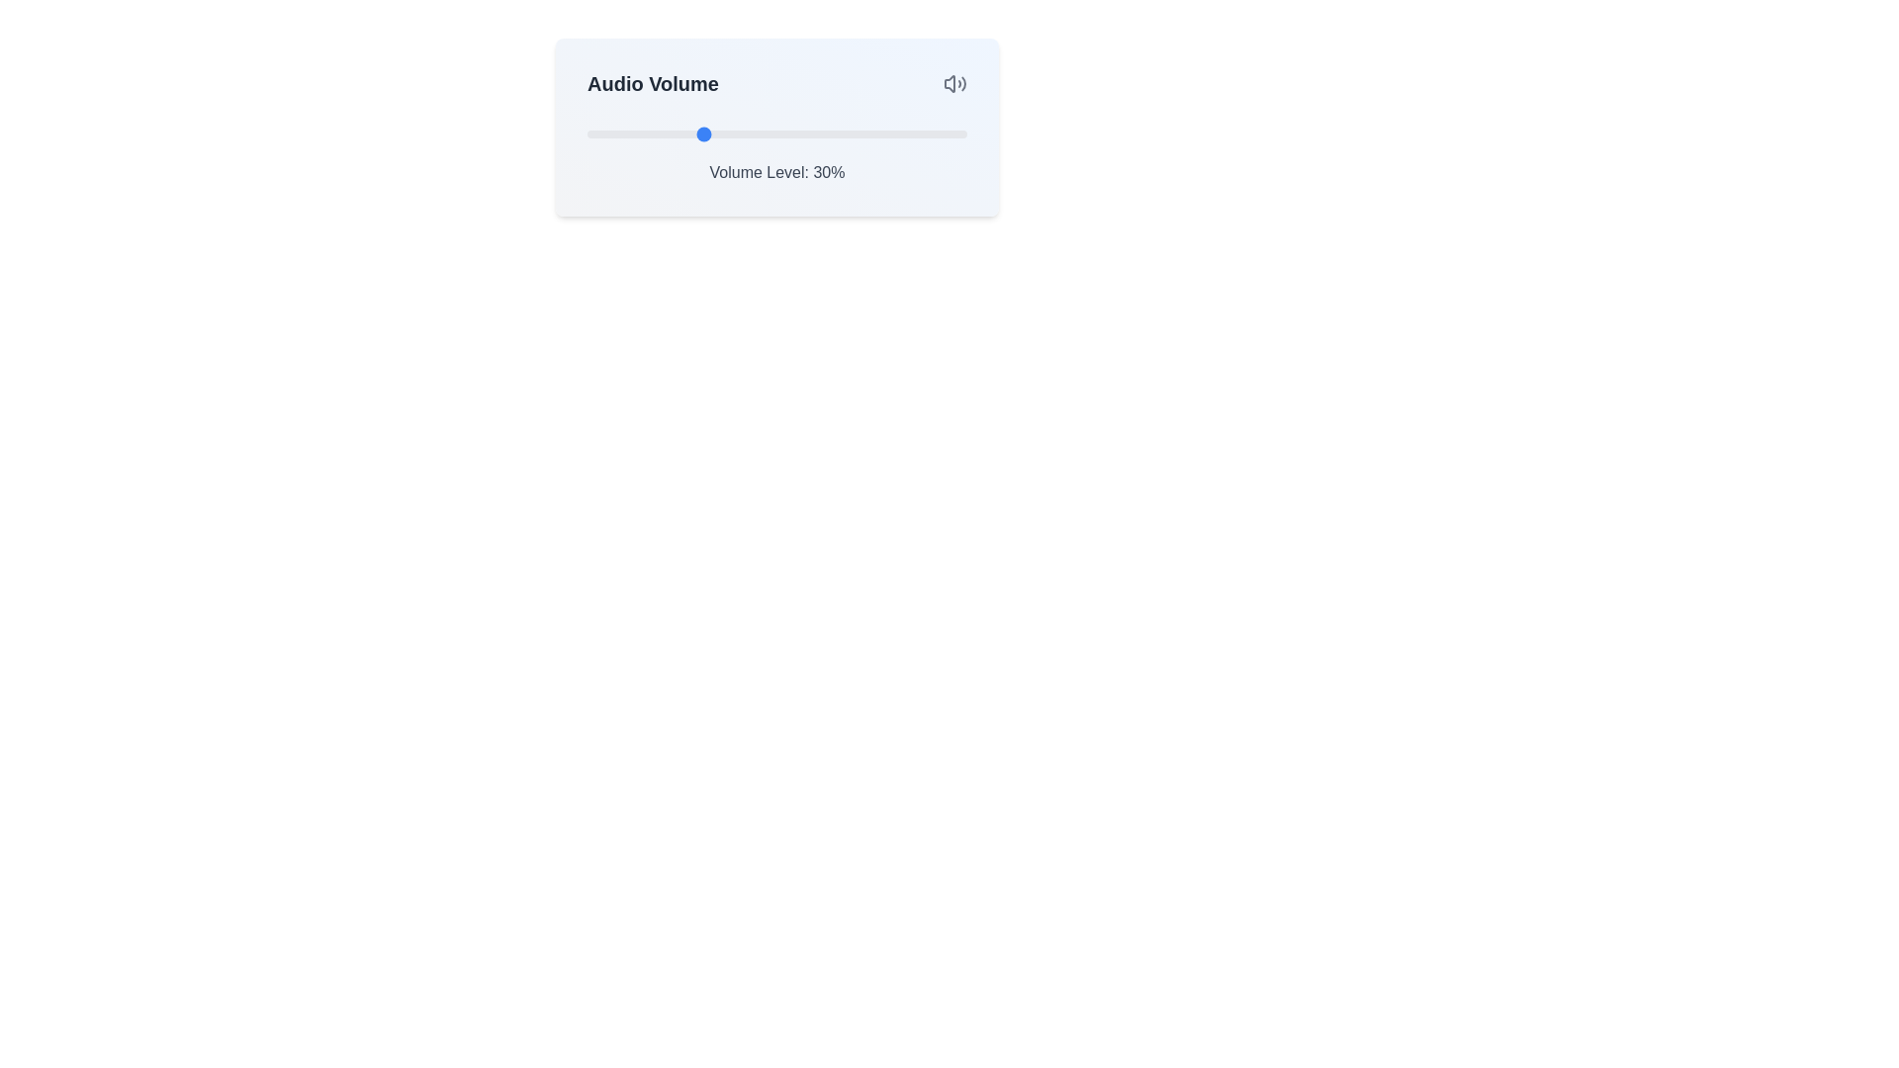  I want to click on audio volume, so click(779, 133).